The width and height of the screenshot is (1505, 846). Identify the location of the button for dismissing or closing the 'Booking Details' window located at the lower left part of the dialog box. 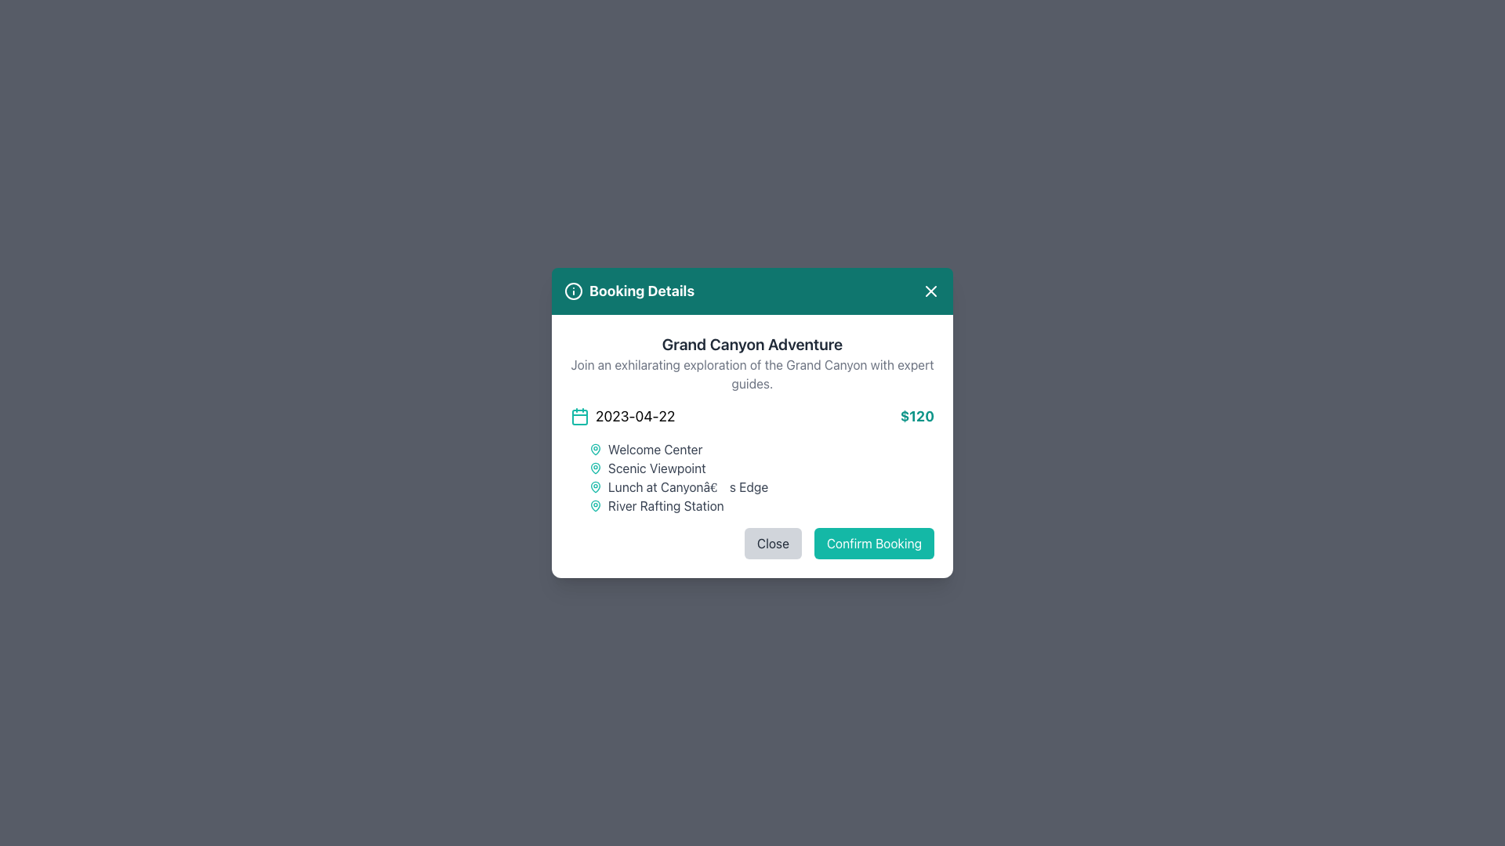
(773, 543).